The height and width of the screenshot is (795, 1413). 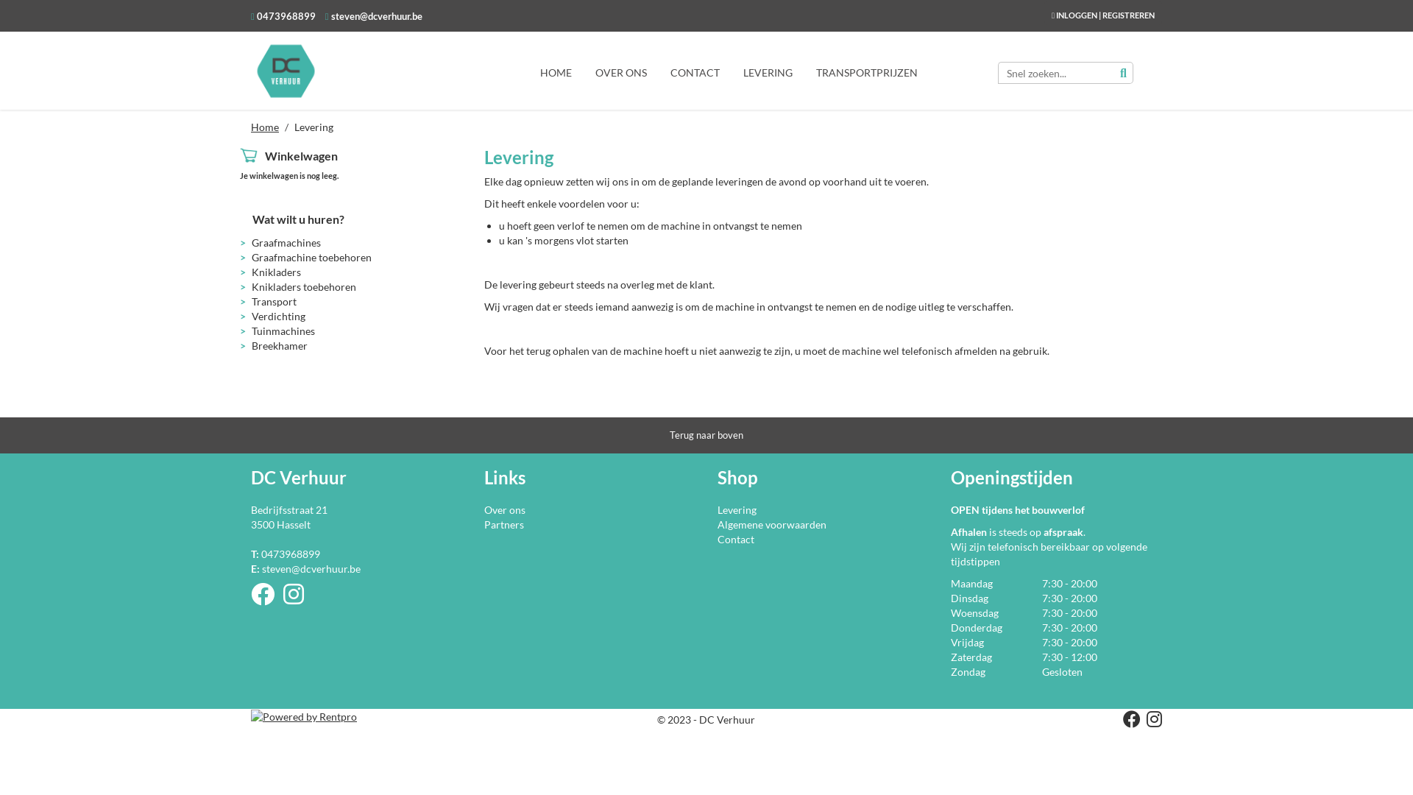 I want to click on 'Contact', so click(x=735, y=539).